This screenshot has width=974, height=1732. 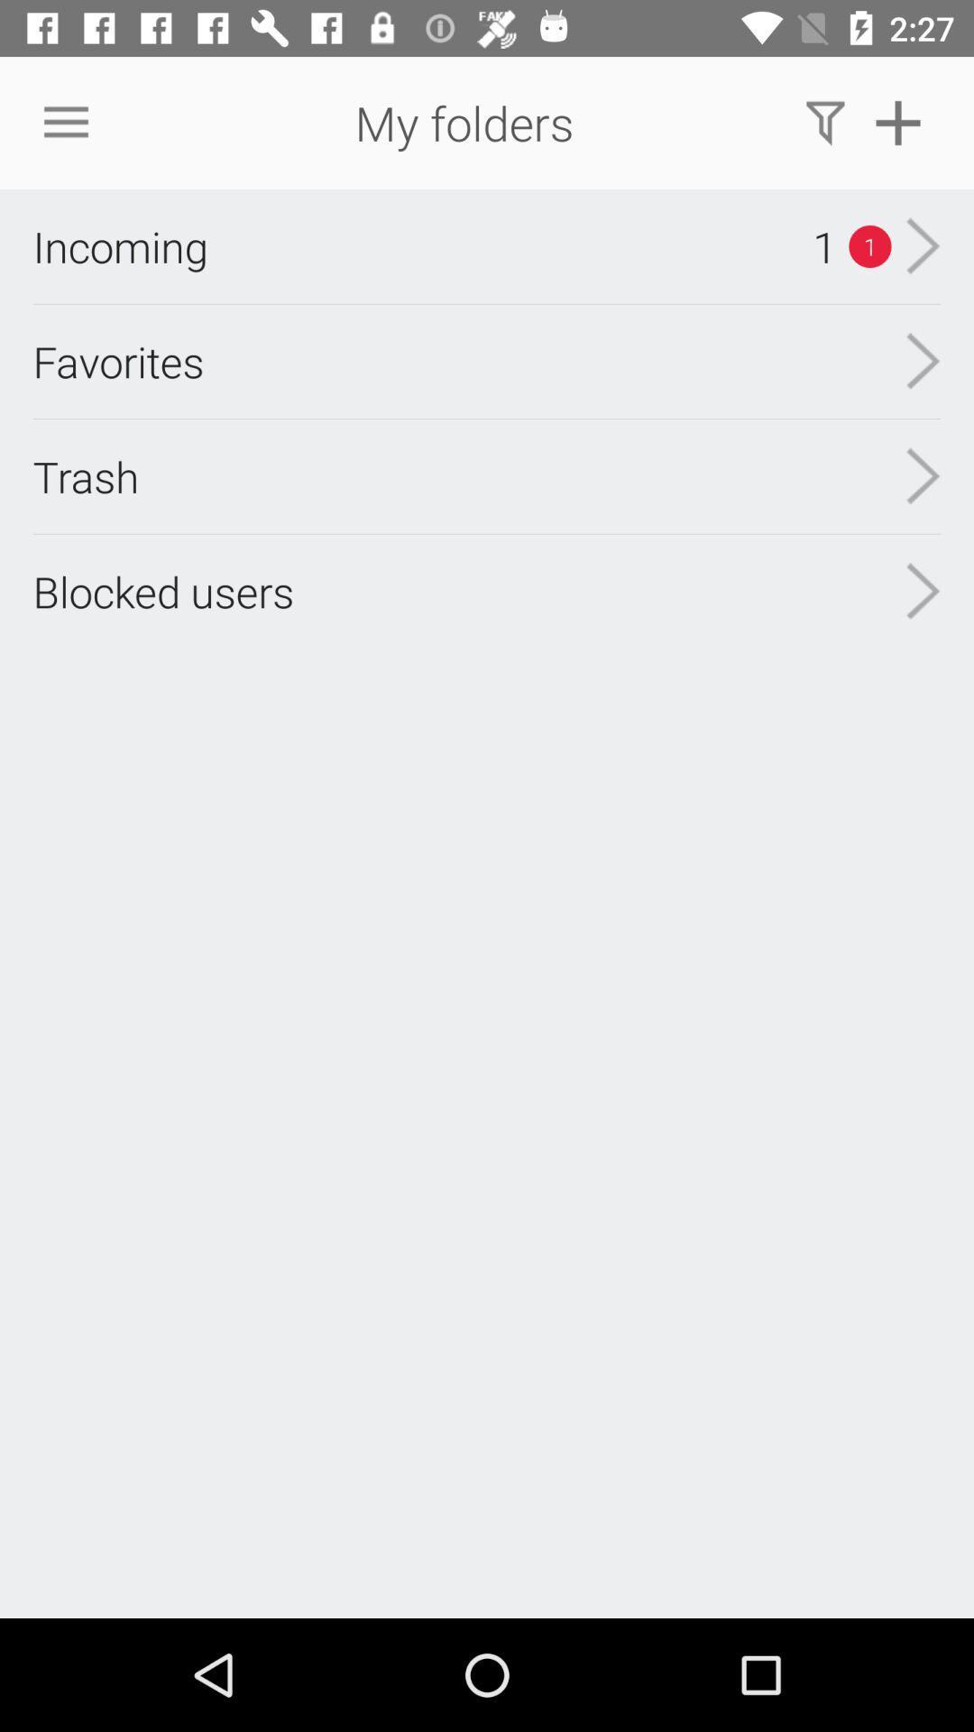 What do you see at coordinates (120, 245) in the screenshot?
I see `item next to 1` at bounding box center [120, 245].